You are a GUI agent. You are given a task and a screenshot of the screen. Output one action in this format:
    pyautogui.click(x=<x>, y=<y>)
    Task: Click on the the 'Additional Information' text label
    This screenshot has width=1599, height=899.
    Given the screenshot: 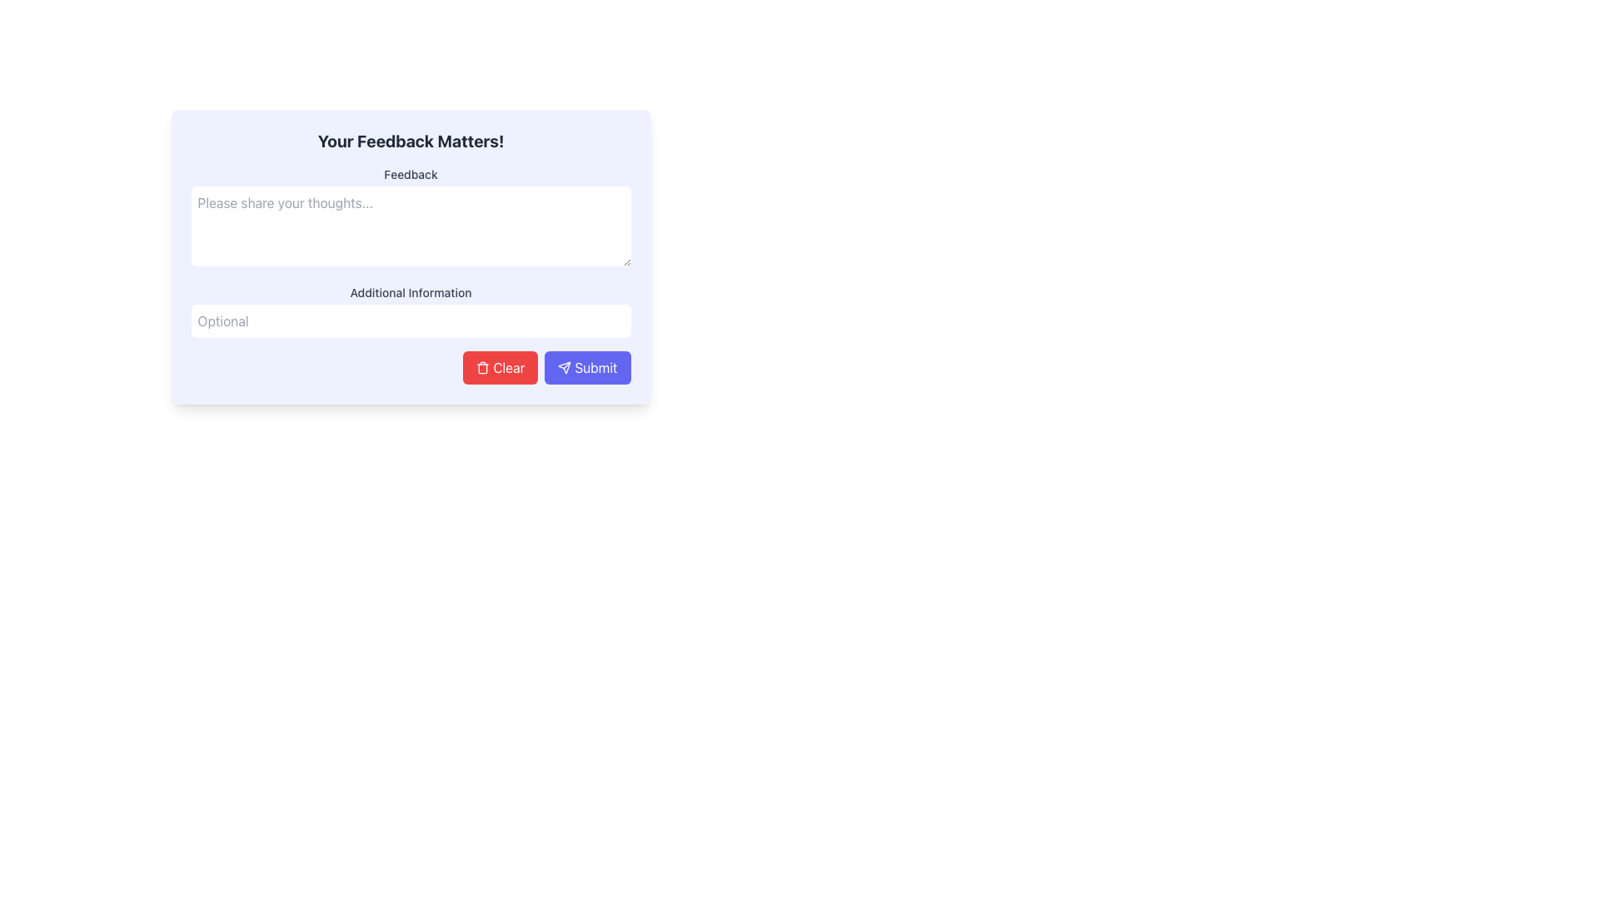 What is the action you would take?
    pyautogui.click(x=411, y=291)
    